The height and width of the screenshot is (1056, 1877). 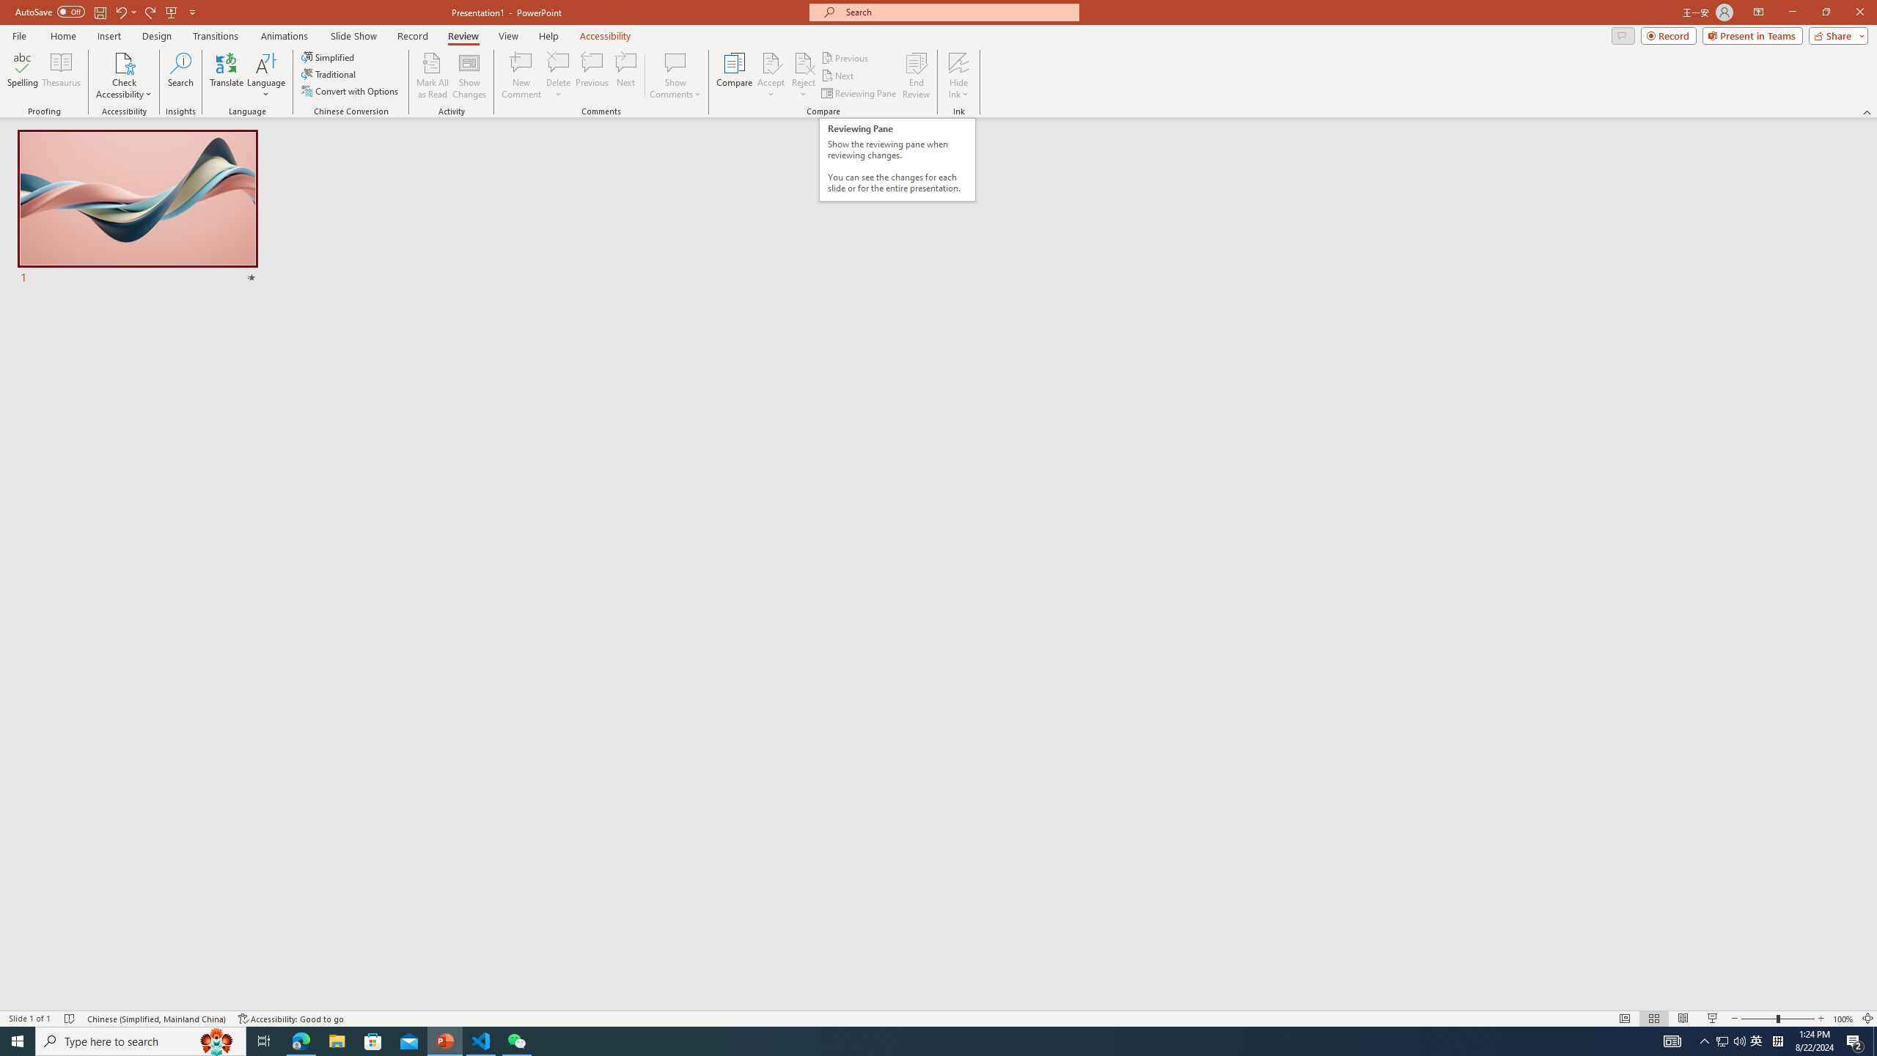 I want to click on 'Reject', so click(x=802, y=76).